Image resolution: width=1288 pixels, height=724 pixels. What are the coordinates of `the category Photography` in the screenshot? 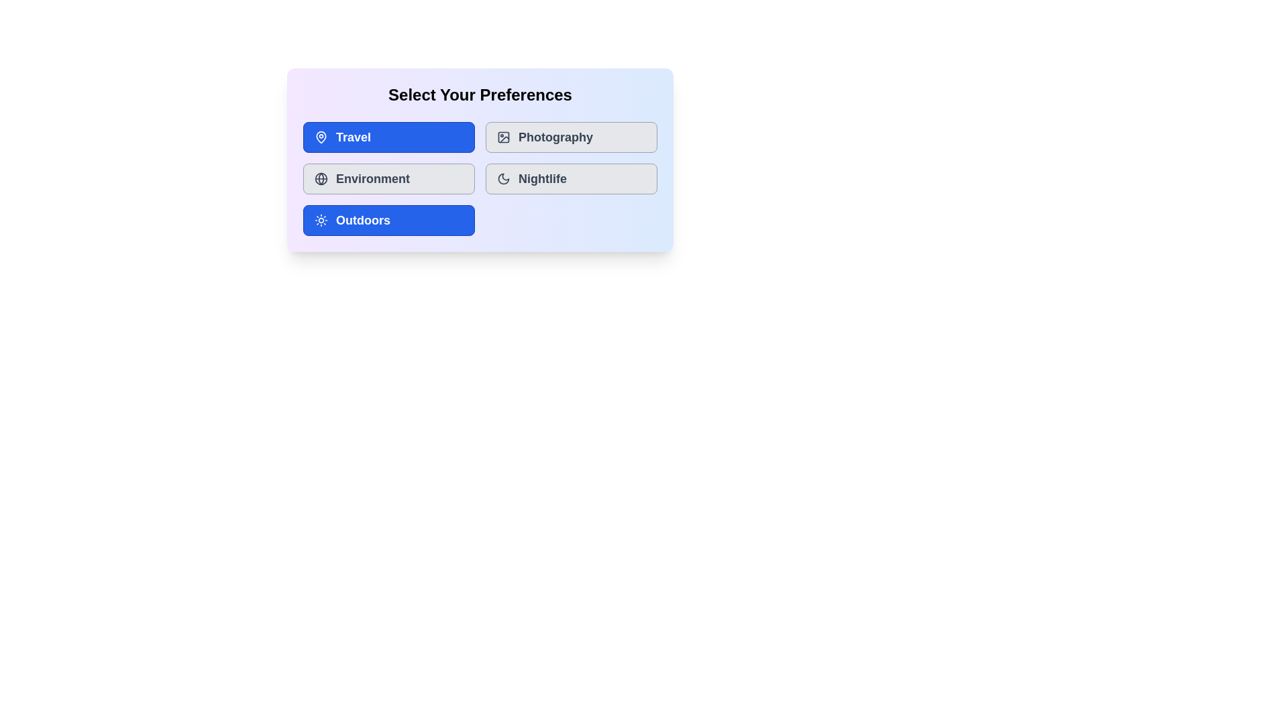 It's located at (571, 137).